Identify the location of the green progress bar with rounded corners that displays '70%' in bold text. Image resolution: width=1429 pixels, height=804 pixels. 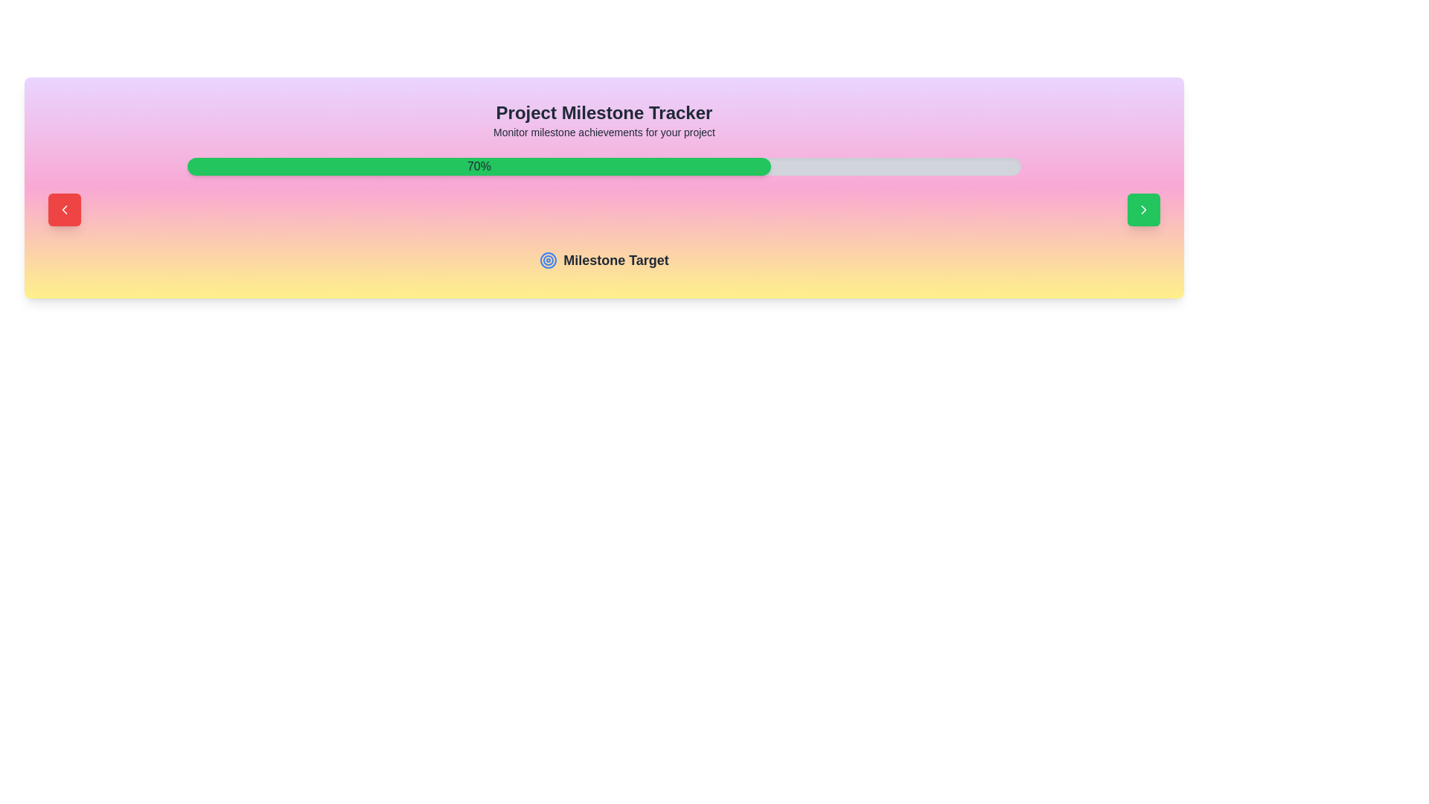
(479, 166).